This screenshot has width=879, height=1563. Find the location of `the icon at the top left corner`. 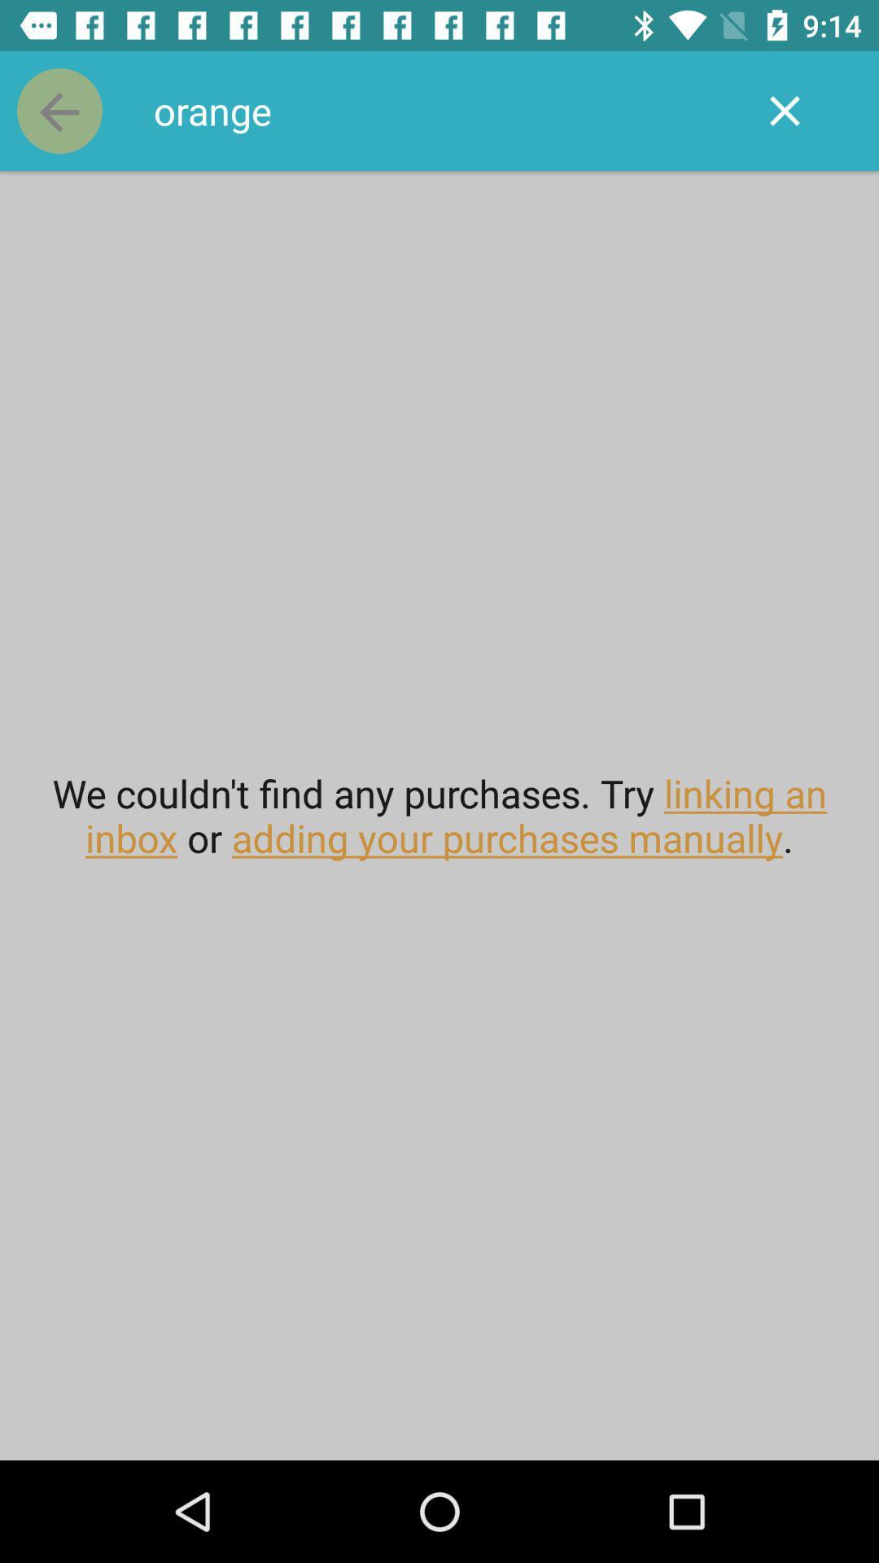

the icon at the top left corner is located at coordinates (59, 110).